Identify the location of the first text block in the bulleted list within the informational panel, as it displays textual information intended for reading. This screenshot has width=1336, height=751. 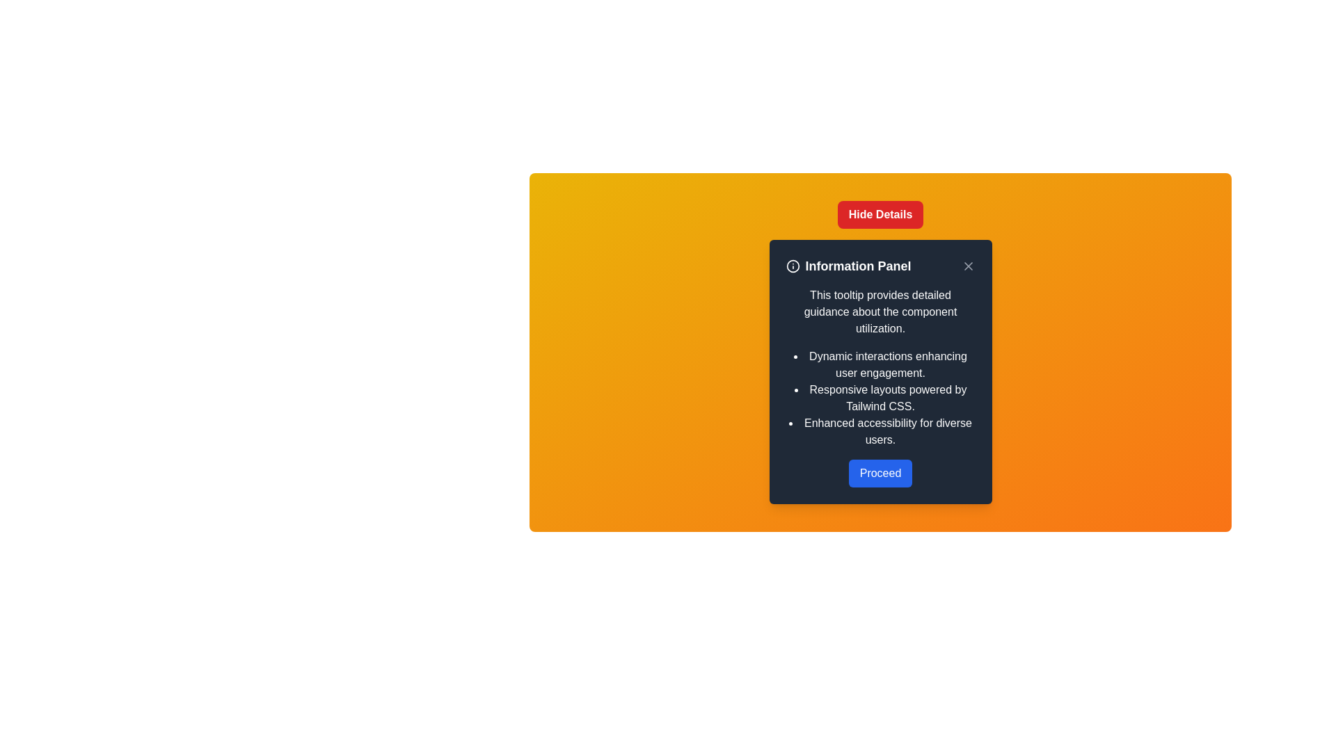
(880, 364).